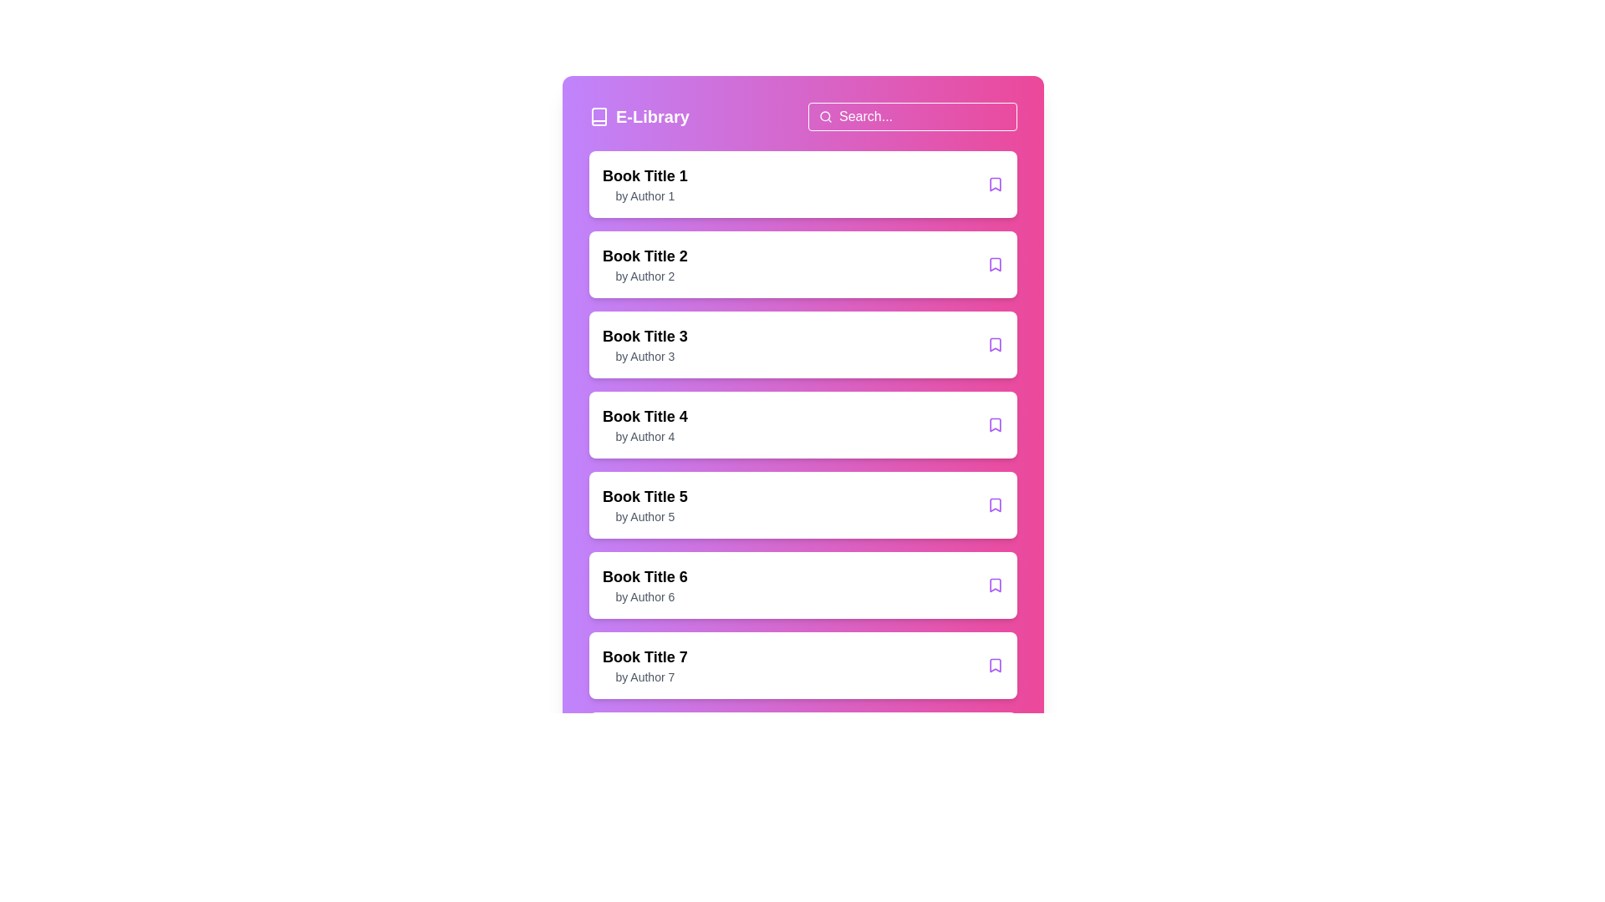 The width and height of the screenshot is (1605, 902). I want to click on the bookmarking icon associated with 'Book Title 6 by Author 6', so click(995, 585).